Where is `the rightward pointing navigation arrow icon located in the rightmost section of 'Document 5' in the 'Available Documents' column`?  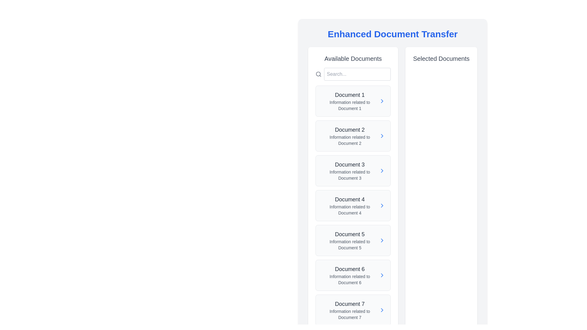 the rightward pointing navigation arrow icon located in the rightmost section of 'Document 5' in the 'Available Documents' column is located at coordinates (382, 240).